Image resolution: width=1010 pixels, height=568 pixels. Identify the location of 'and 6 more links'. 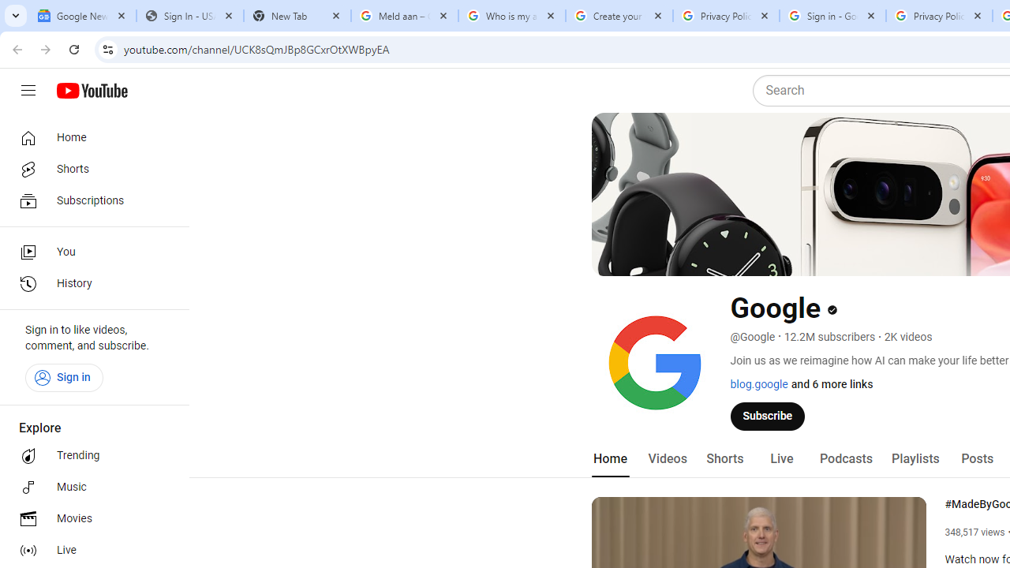
(831, 384).